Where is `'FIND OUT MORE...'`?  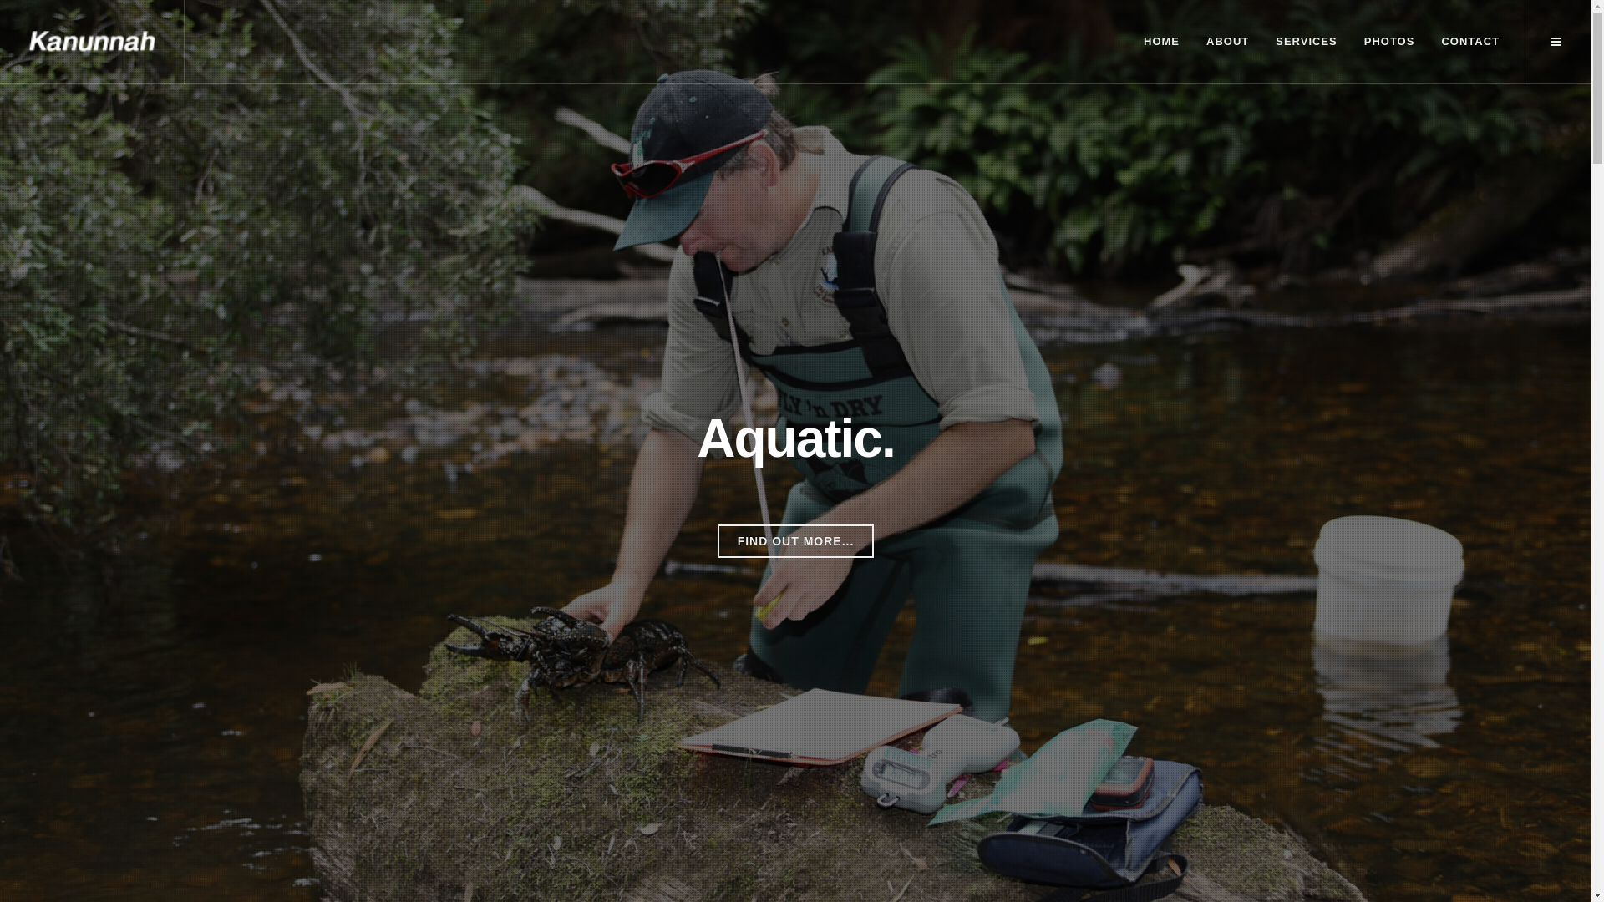 'FIND OUT MORE...' is located at coordinates (718, 541).